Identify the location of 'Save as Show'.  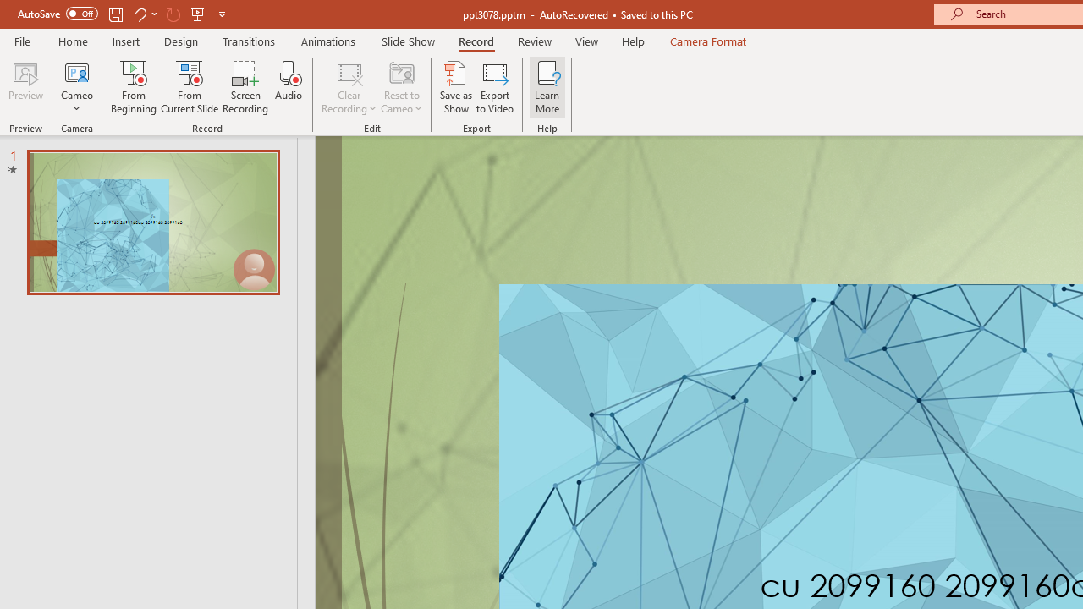
(456, 87).